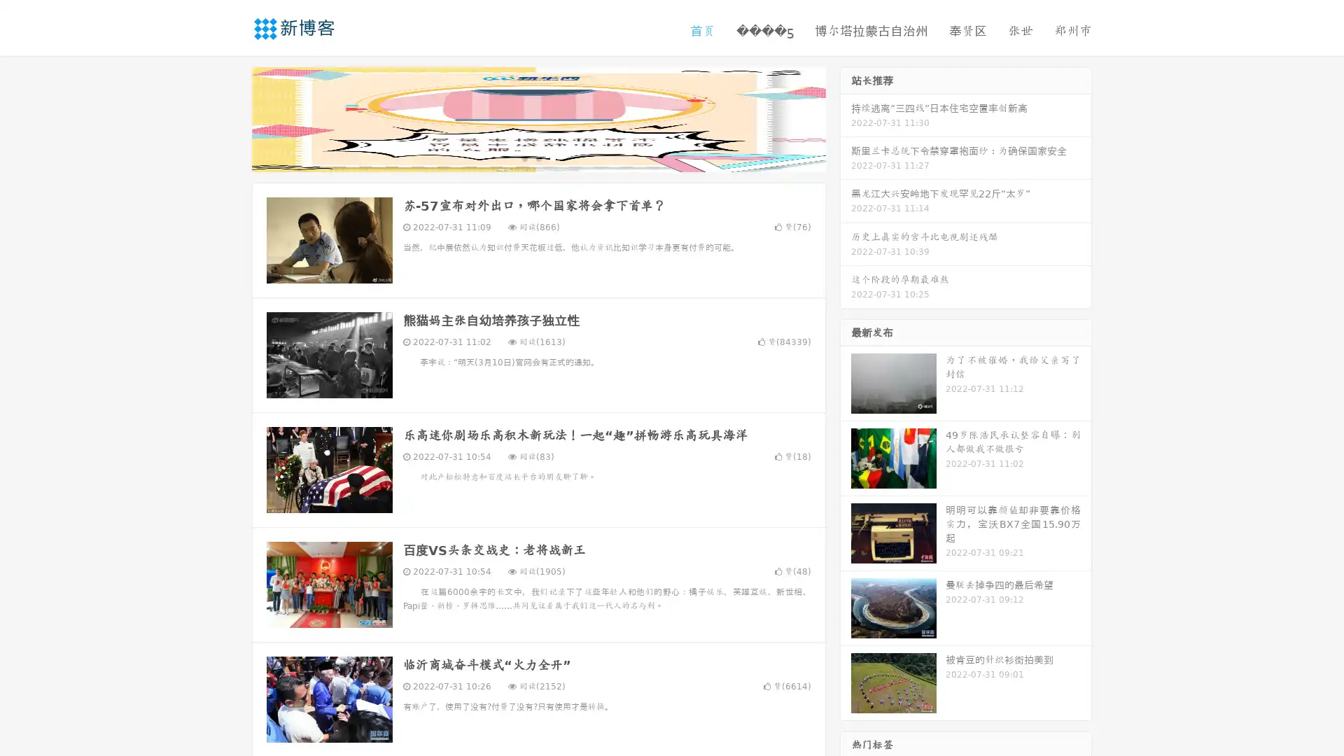  Describe the element at coordinates (231, 118) in the screenshot. I see `Previous slide` at that location.